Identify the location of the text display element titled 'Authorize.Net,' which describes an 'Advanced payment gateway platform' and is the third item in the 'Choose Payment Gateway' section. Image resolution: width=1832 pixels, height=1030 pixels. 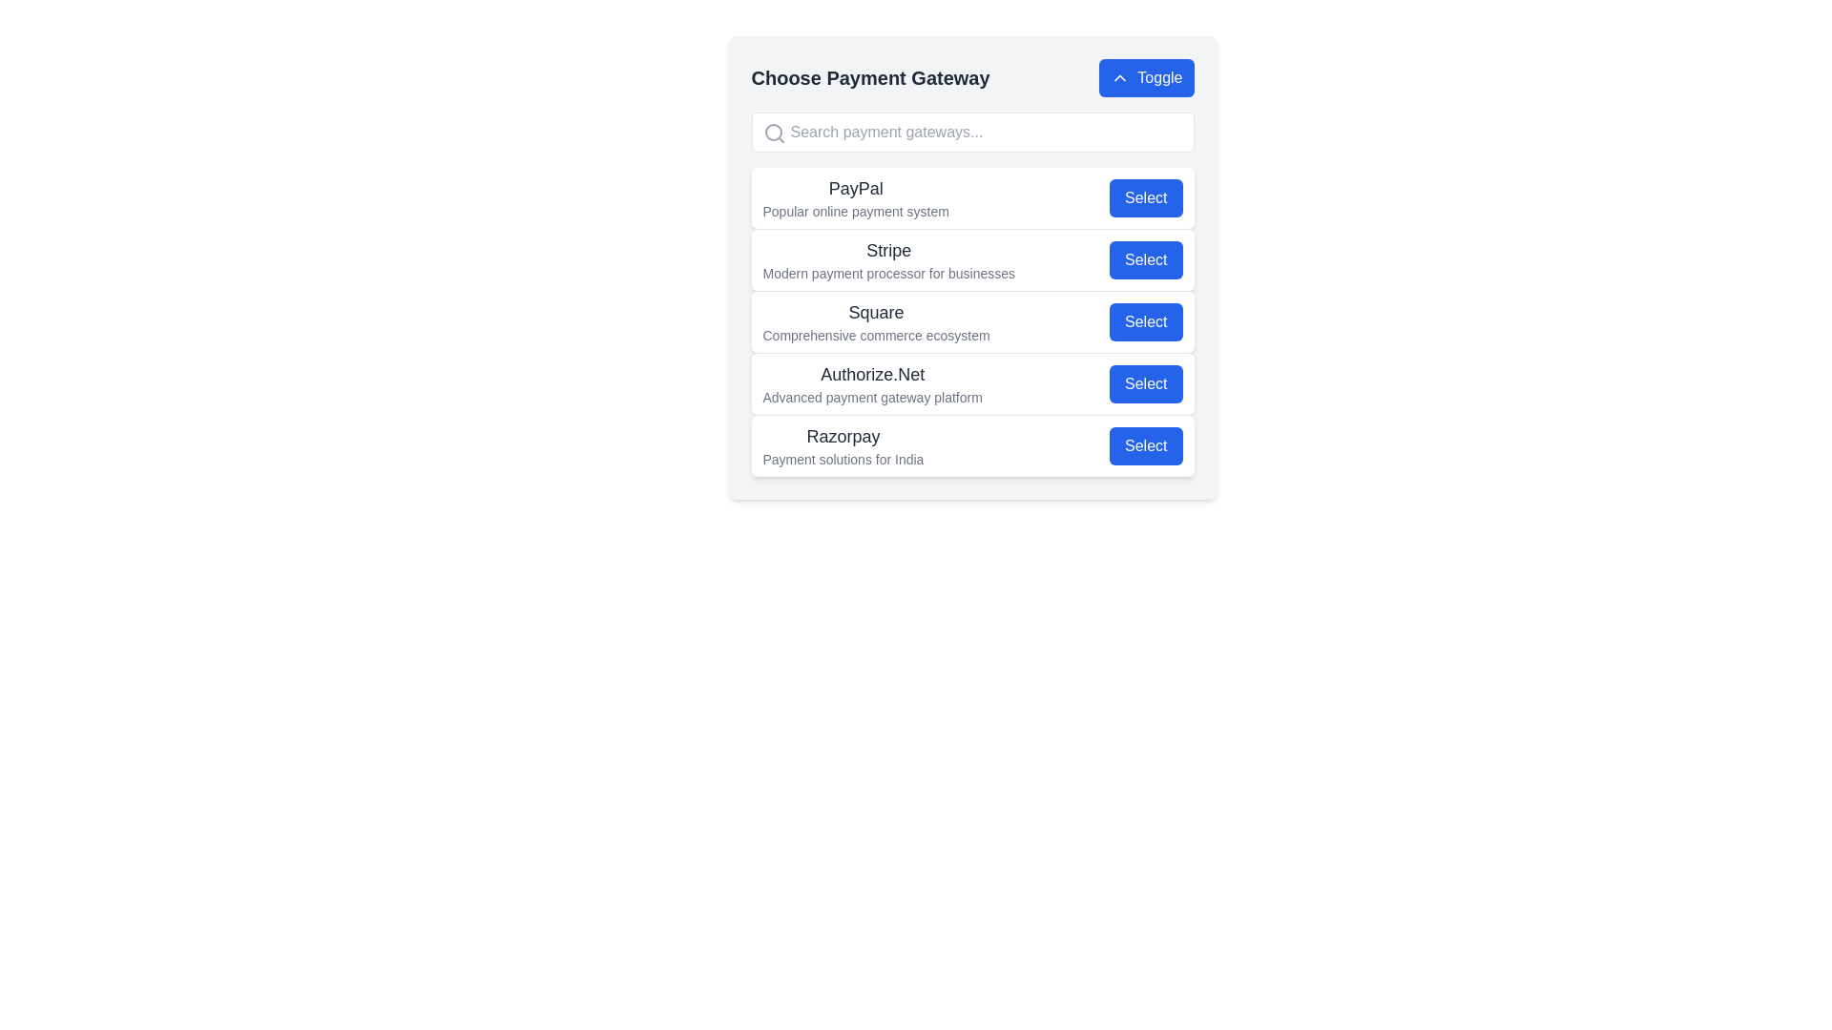
(871, 383).